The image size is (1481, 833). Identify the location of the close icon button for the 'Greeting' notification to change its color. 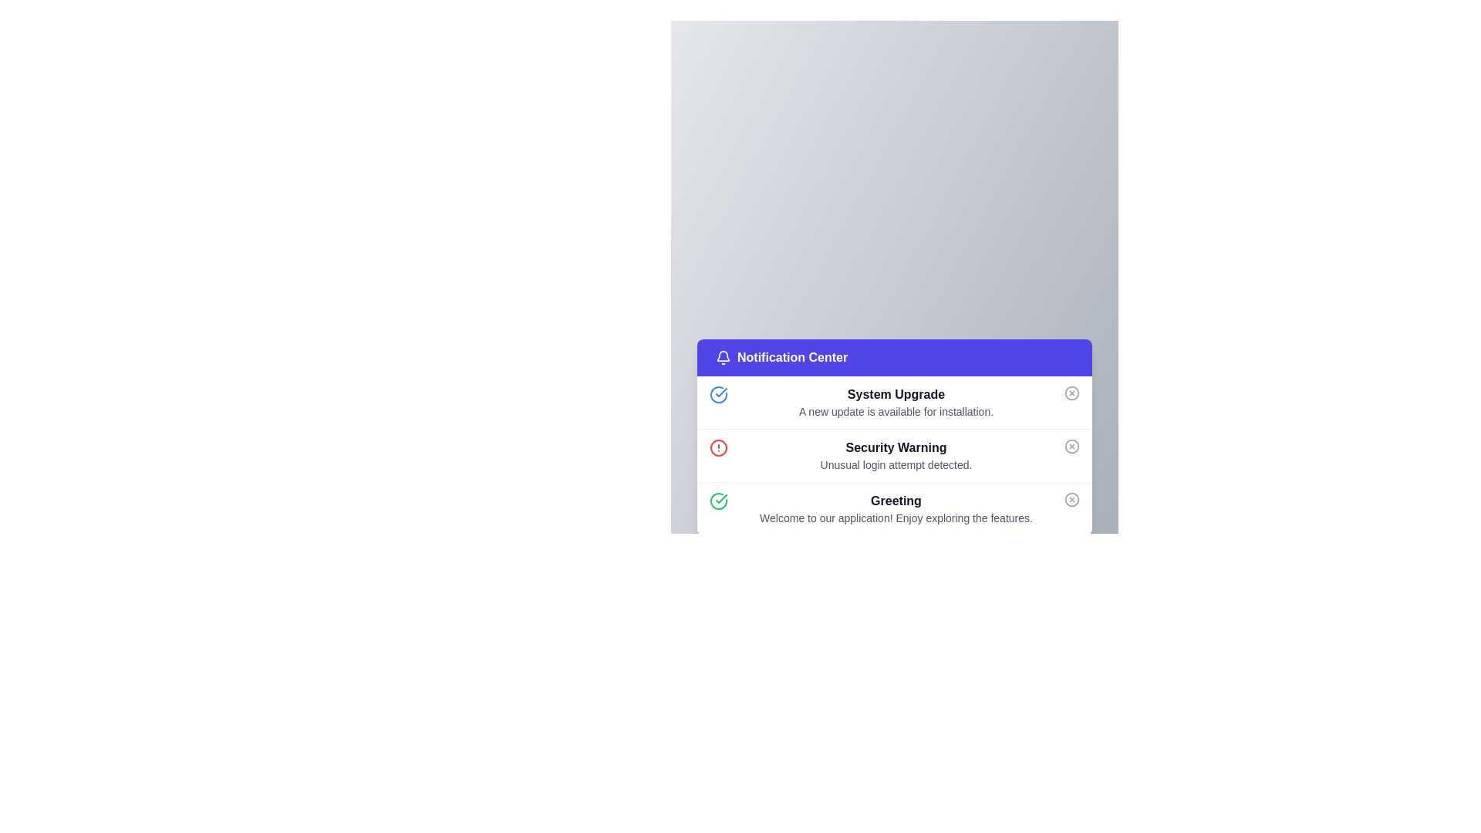
(1071, 500).